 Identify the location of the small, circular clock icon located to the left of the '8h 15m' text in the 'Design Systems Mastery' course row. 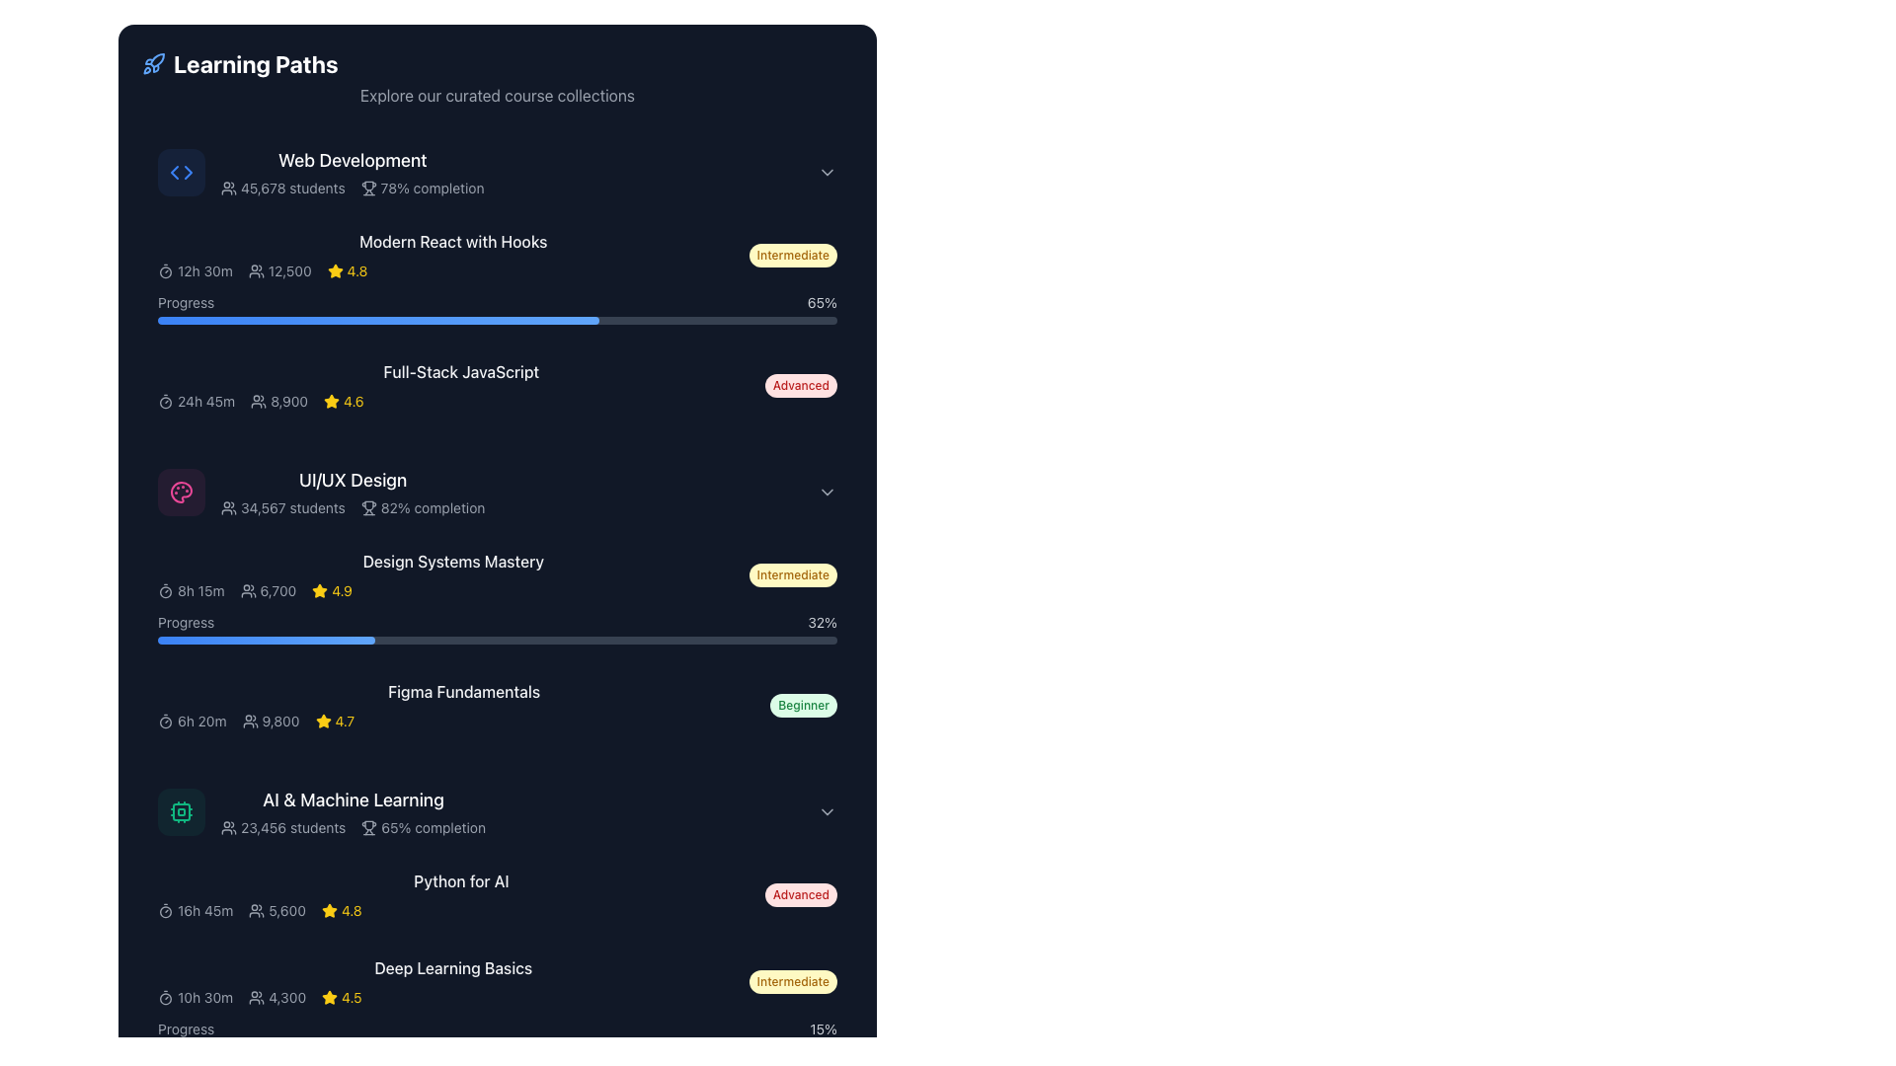
(166, 589).